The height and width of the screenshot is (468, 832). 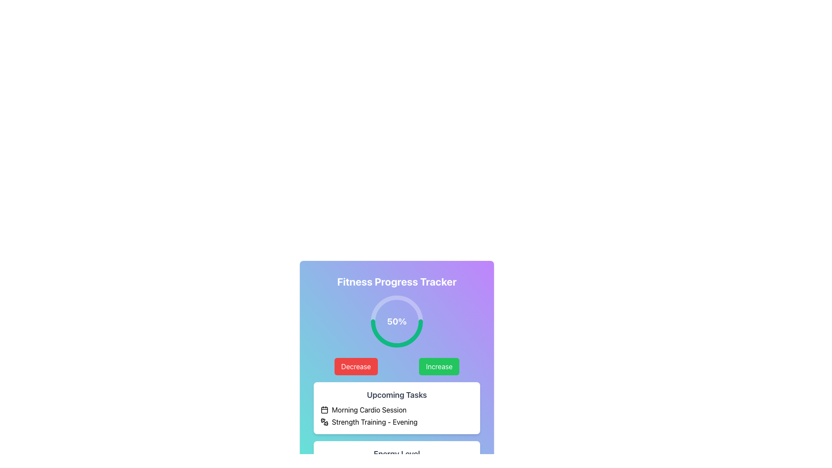 What do you see at coordinates (396, 321) in the screenshot?
I see `the text component displaying '50%' in bold, white font, which is centrally positioned within a circular progress indicator` at bounding box center [396, 321].